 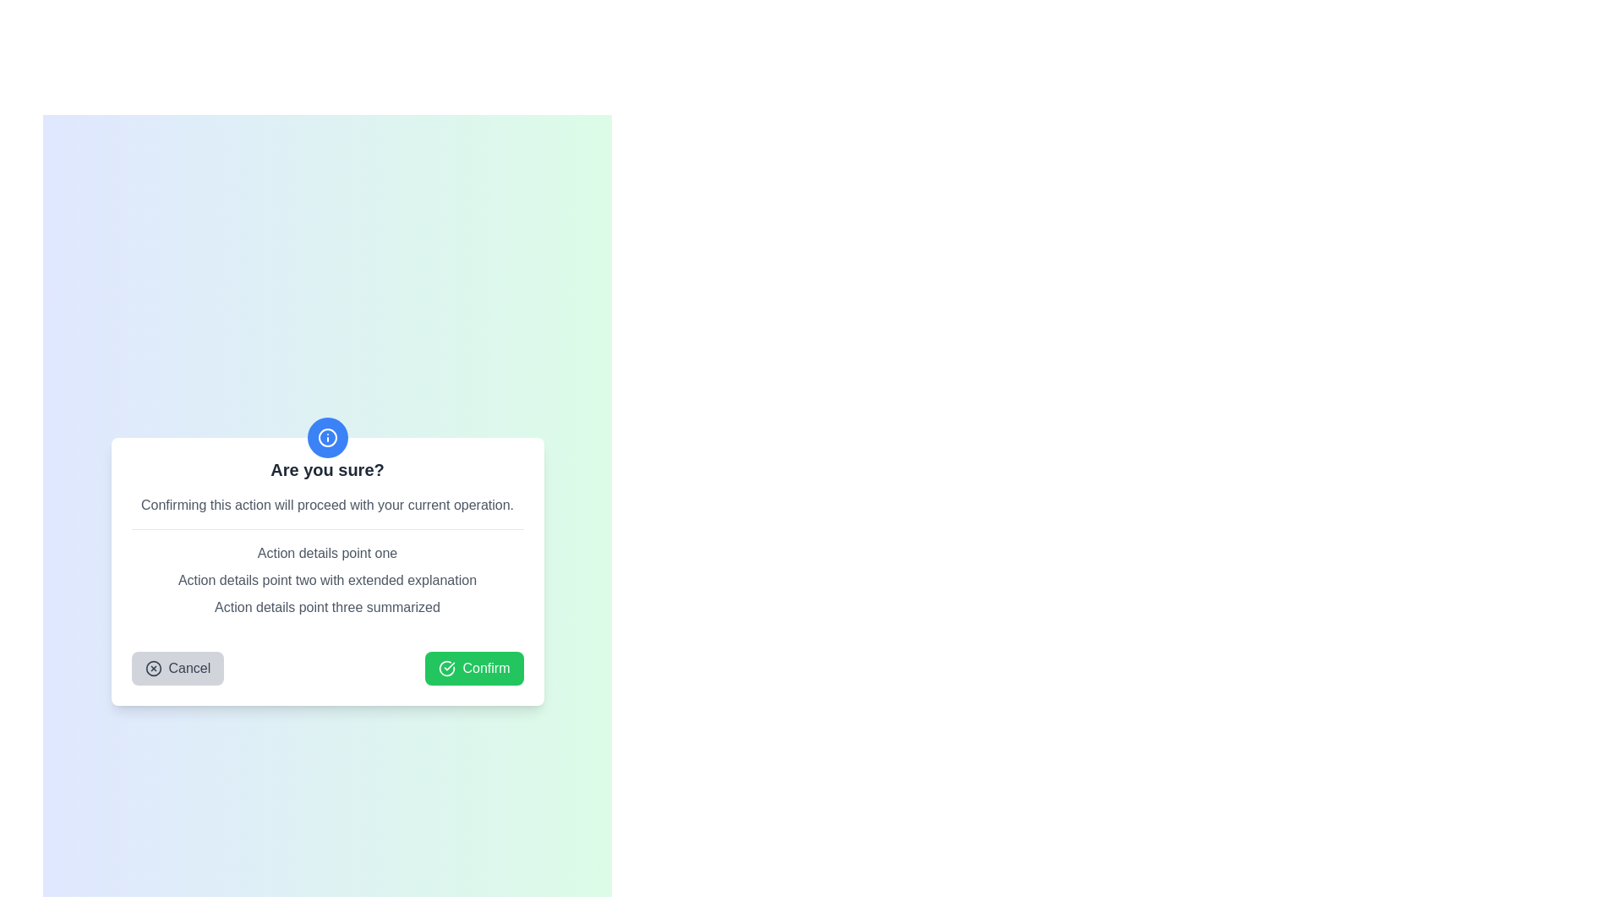 What do you see at coordinates (327, 579) in the screenshot?
I see `the information display text block located in the bottom half of the confirmation dialog, above the 'Cancel' and 'Confirm' buttons` at bounding box center [327, 579].